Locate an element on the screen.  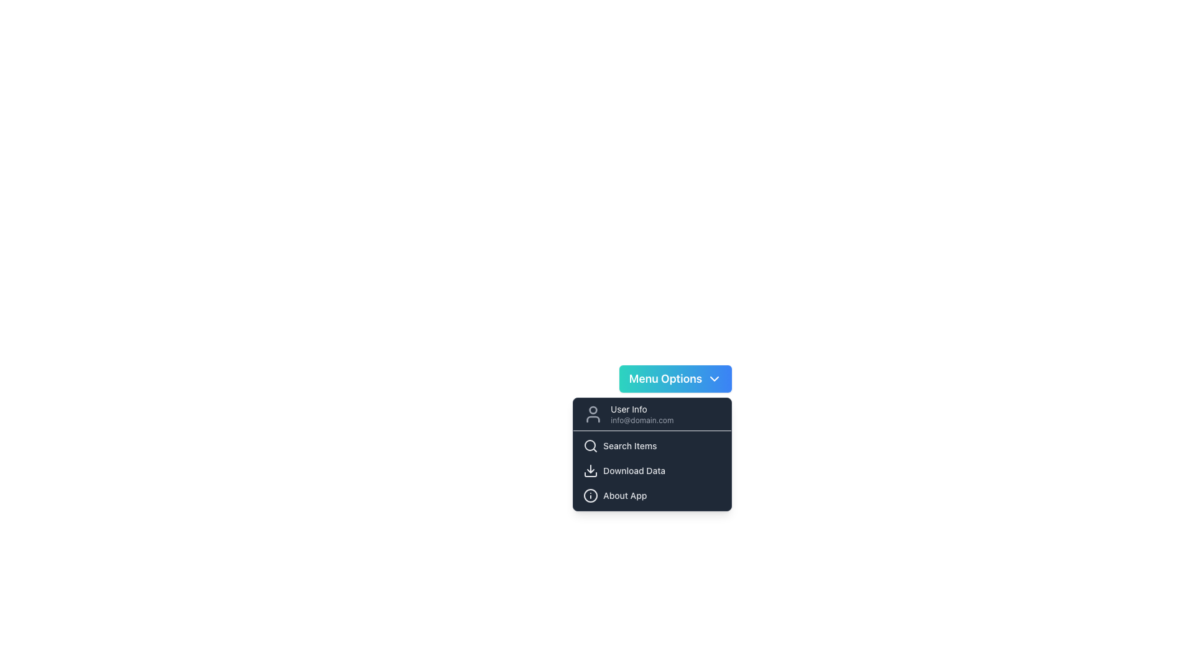
the circular icon at the top of the user profile icon for further interactions is located at coordinates (593, 410).